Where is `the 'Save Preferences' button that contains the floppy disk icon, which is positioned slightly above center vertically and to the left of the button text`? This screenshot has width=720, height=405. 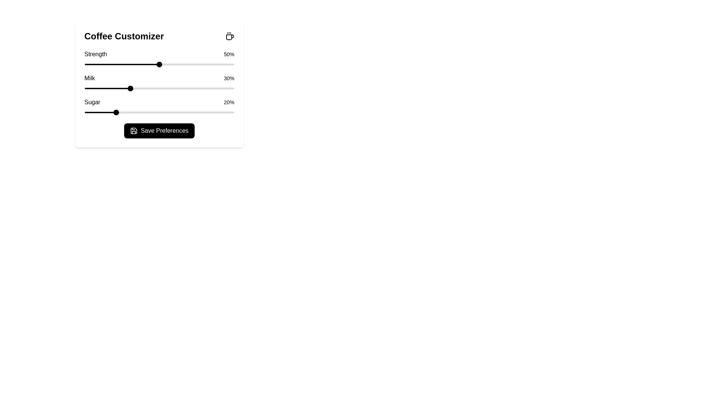 the 'Save Preferences' button that contains the floppy disk icon, which is positioned slightly above center vertically and to the left of the button text is located at coordinates (134, 130).